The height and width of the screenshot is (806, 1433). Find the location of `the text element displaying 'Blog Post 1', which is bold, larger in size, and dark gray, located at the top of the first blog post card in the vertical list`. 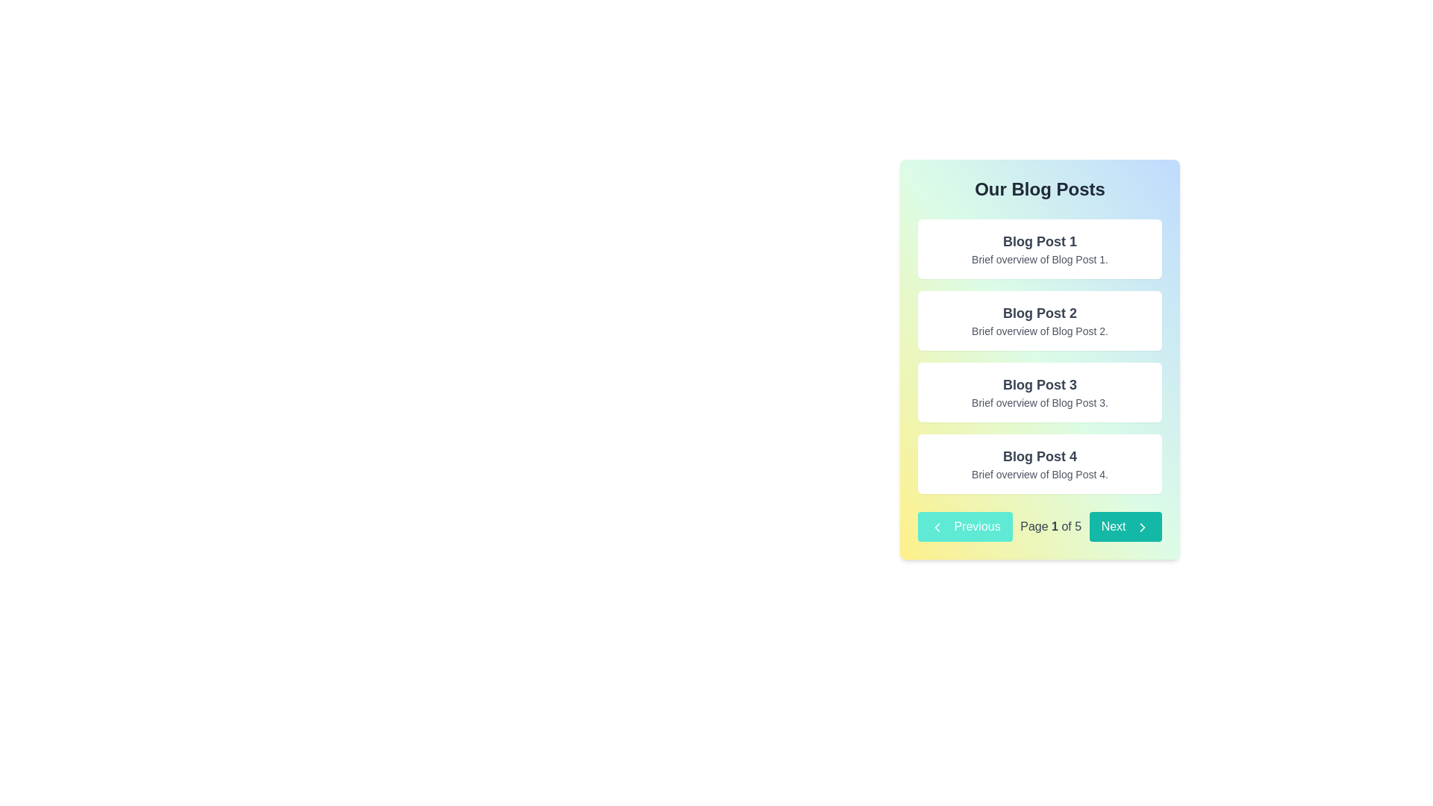

the text element displaying 'Blog Post 1', which is bold, larger in size, and dark gray, located at the top of the first blog post card in the vertical list is located at coordinates (1039, 241).